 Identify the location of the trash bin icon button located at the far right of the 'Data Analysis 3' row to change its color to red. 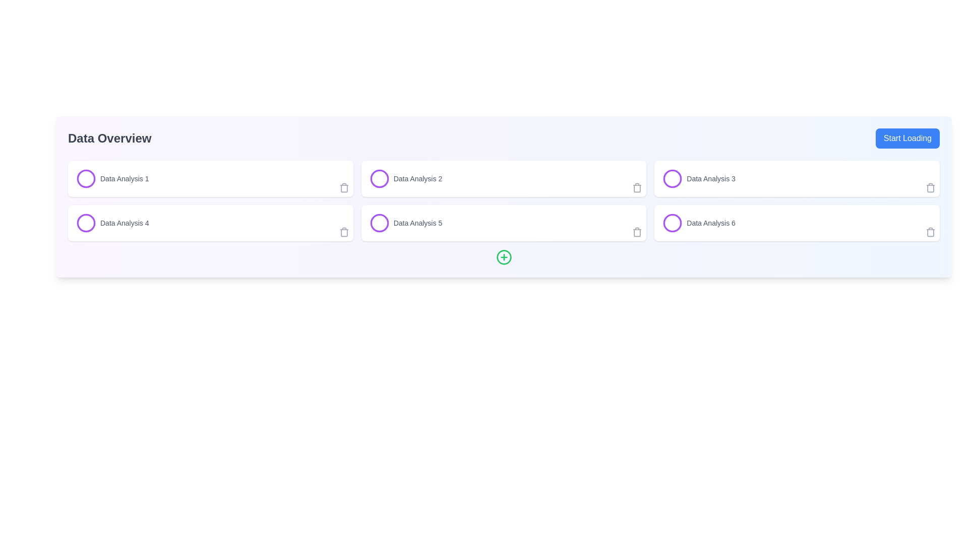
(930, 188).